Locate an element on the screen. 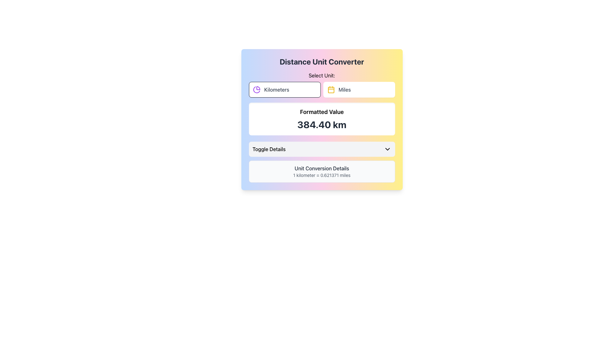  the left button in the 'Select Unit' section is located at coordinates (284, 90).